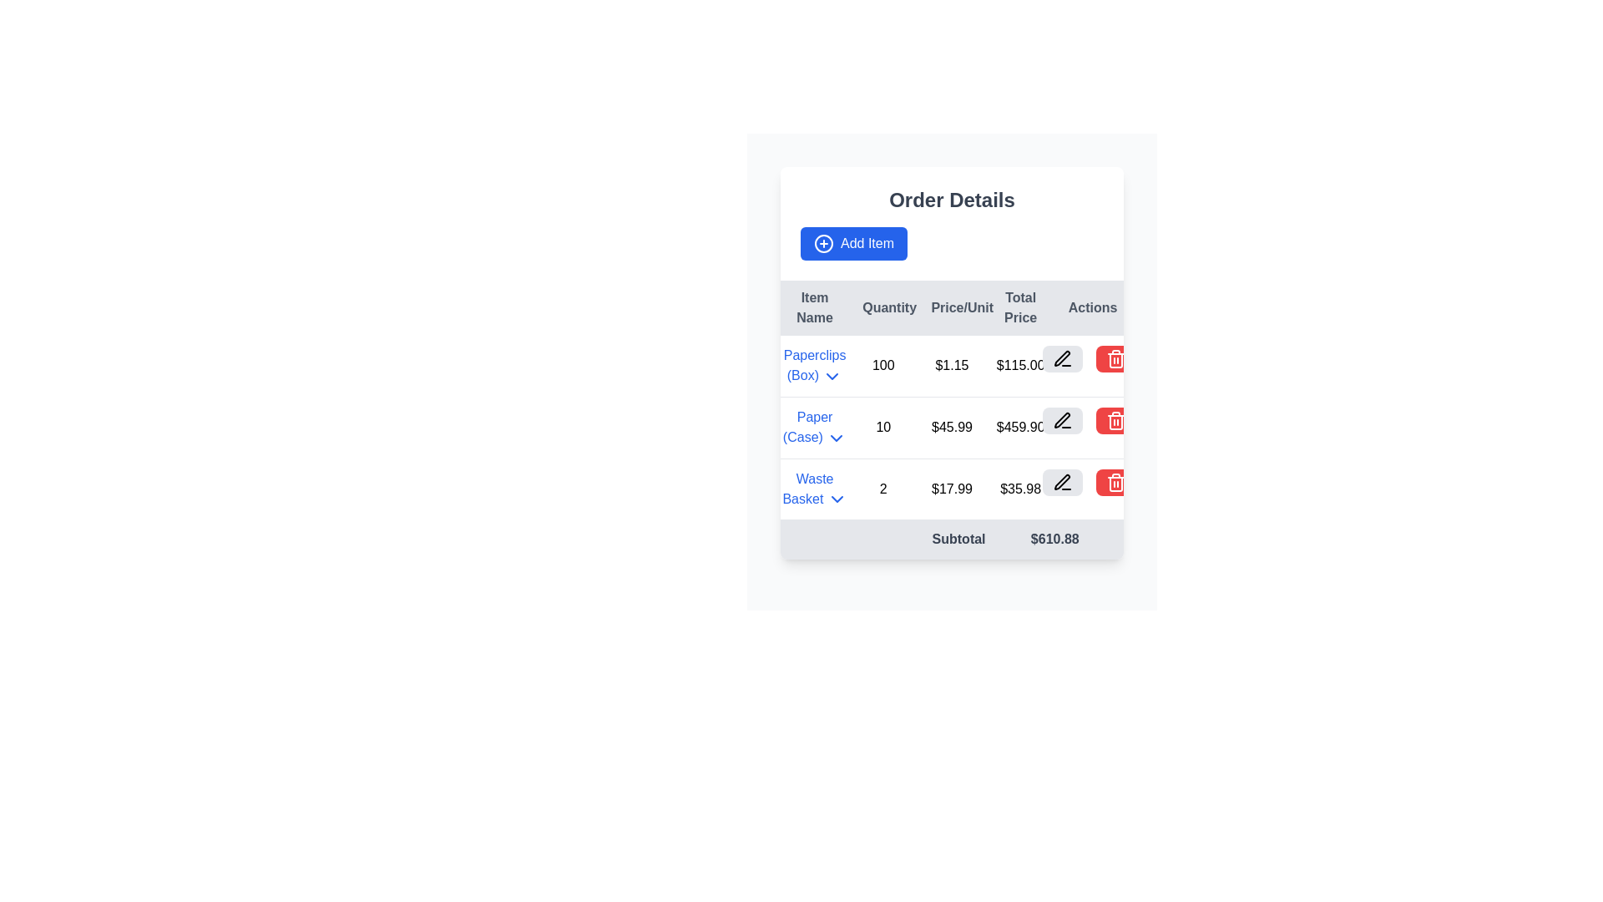  Describe the element at coordinates (882, 489) in the screenshot. I see `the text display showing '2' in bold, located in the 'Waste Basket' row of the table under the 'Quantity' column` at that location.